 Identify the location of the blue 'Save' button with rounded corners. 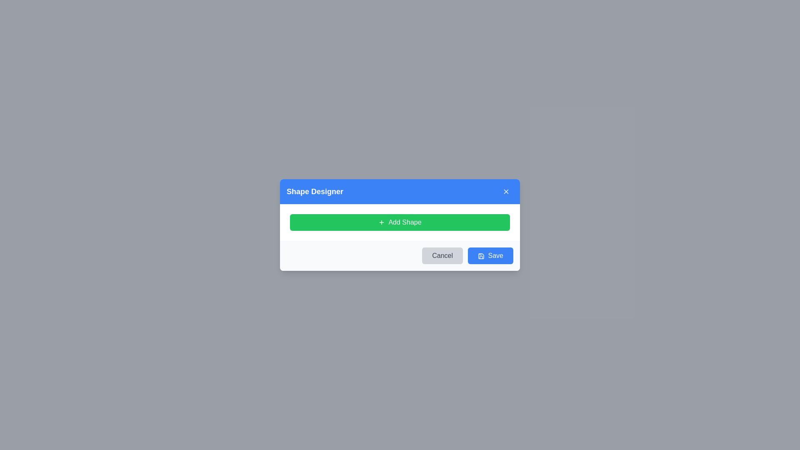
(490, 255).